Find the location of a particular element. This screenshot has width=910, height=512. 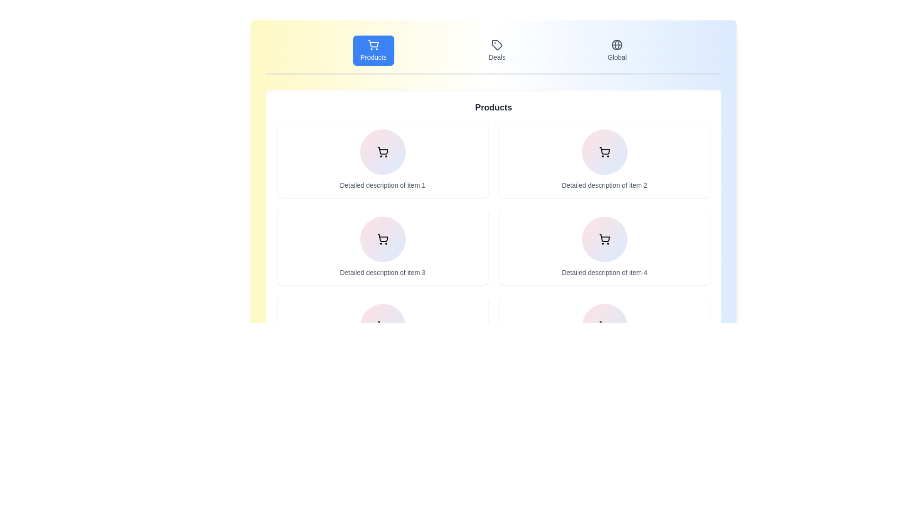

the tab labeled Deals is located at coordinates (496, 51).